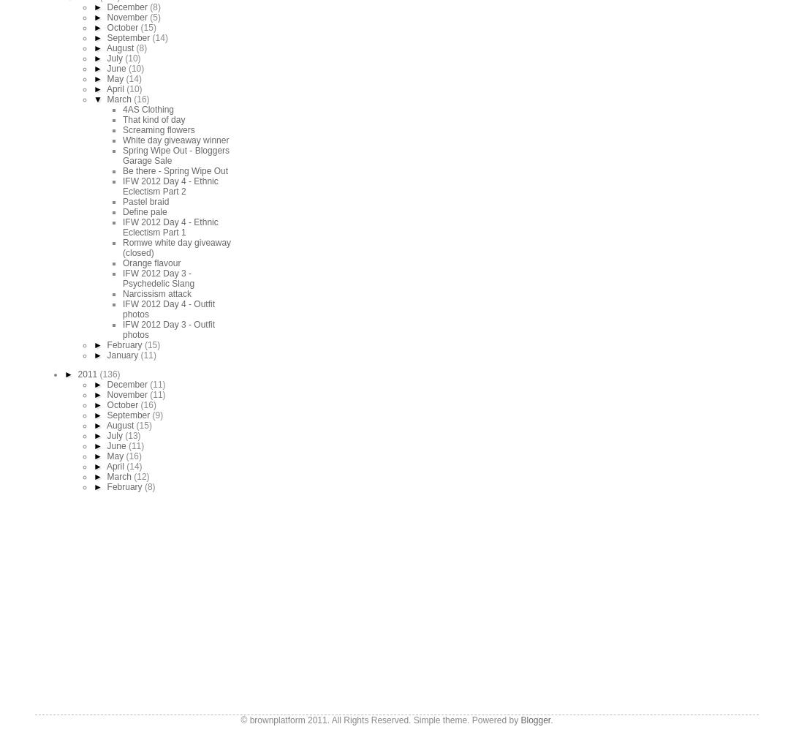 The width and height of the screenshot is (788, 735). Describe the element at coordinates (155, 17) in the screenshot. I see `'(5)'` at that location.